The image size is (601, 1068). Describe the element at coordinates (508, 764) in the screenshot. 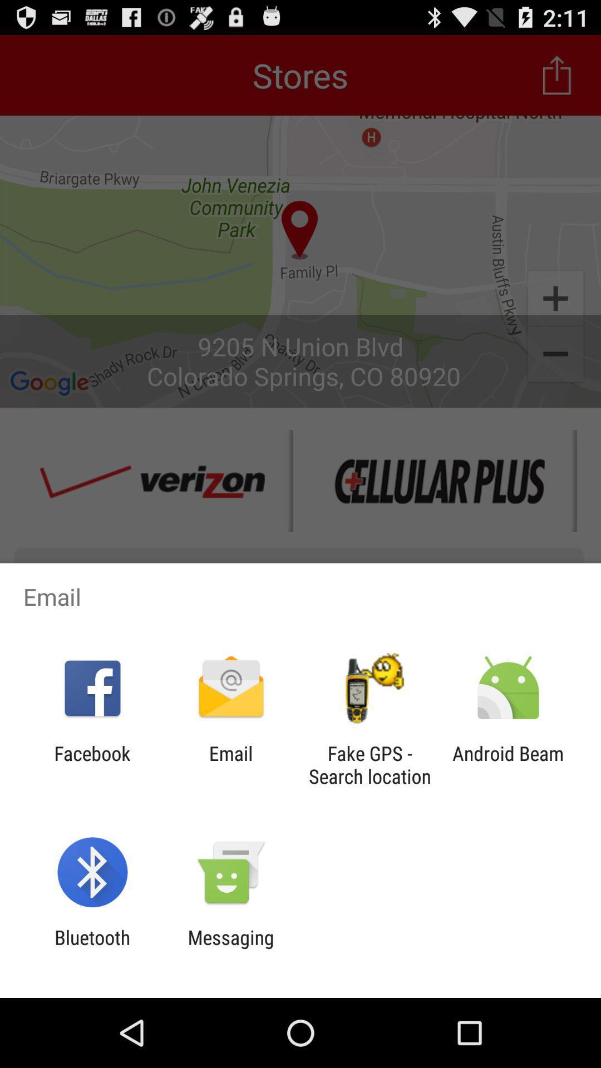

I see `the app next to fake gps search item` at that location.